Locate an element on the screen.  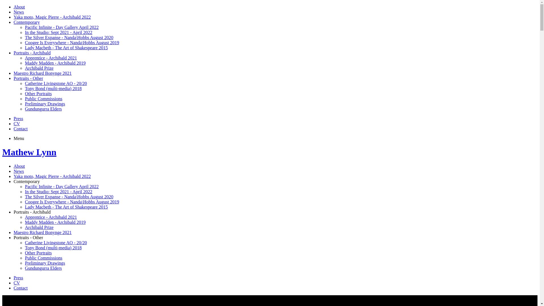
'Public Commissions' is located at coordinates (43, 98).